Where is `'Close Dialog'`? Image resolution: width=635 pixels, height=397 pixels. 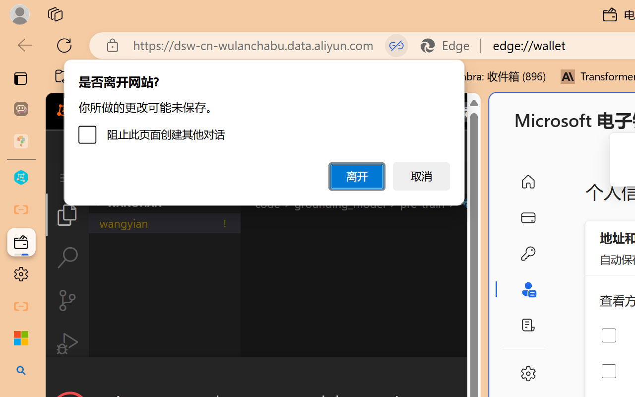
'Close Dialog' is located at coordinates (476, 375).